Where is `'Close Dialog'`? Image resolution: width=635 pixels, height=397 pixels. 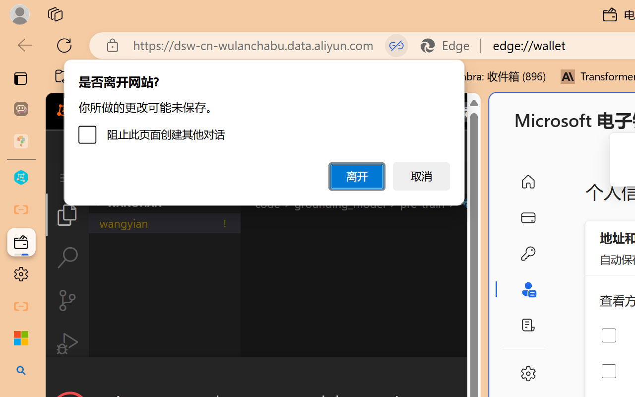
'Close Dialog' is located at coordinates (476, 375).